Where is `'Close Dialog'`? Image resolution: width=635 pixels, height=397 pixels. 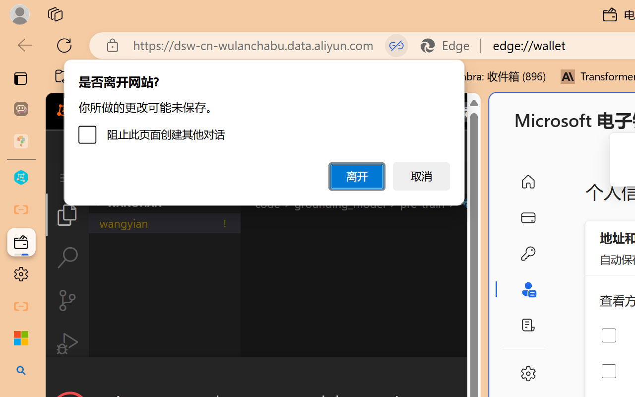
'Close Dialog' is located at coordinates (476, 375).